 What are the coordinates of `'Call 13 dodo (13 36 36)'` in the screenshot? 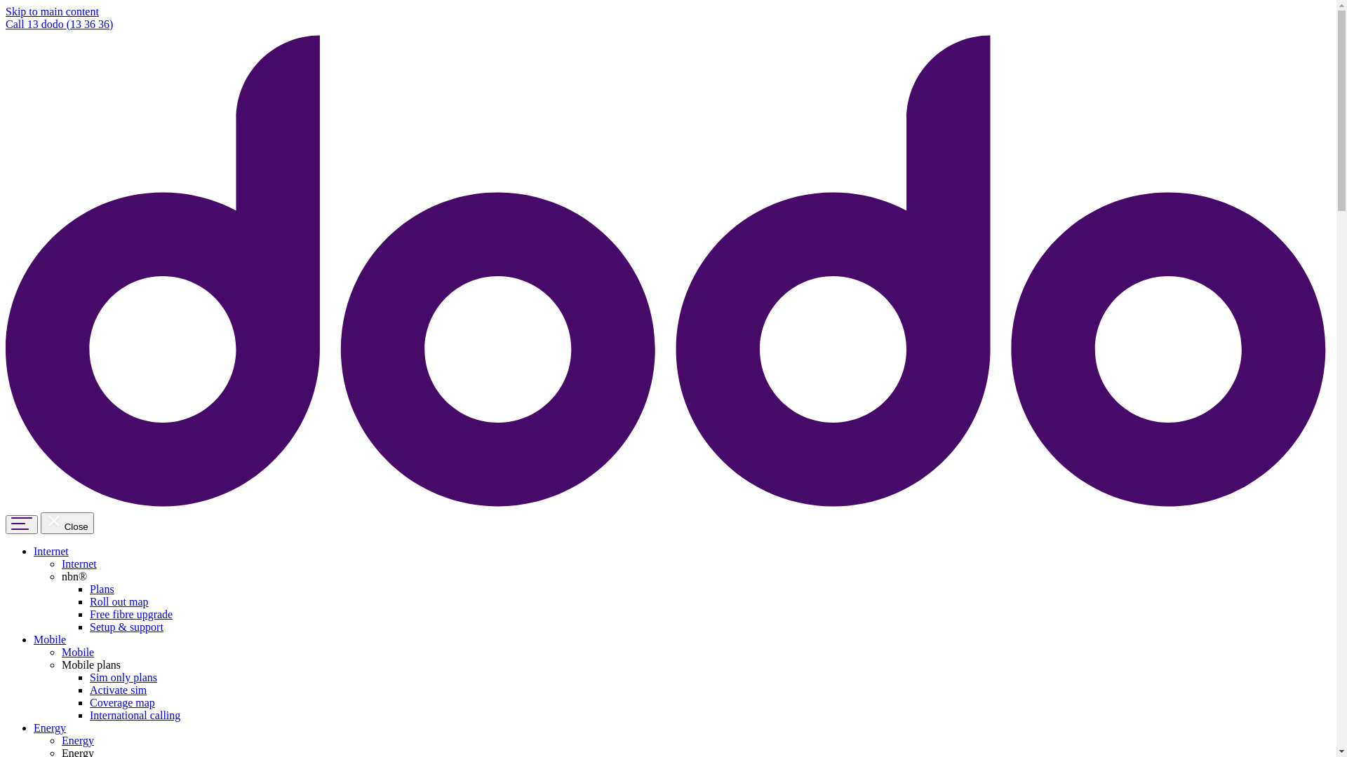 It's located at (58, 24).